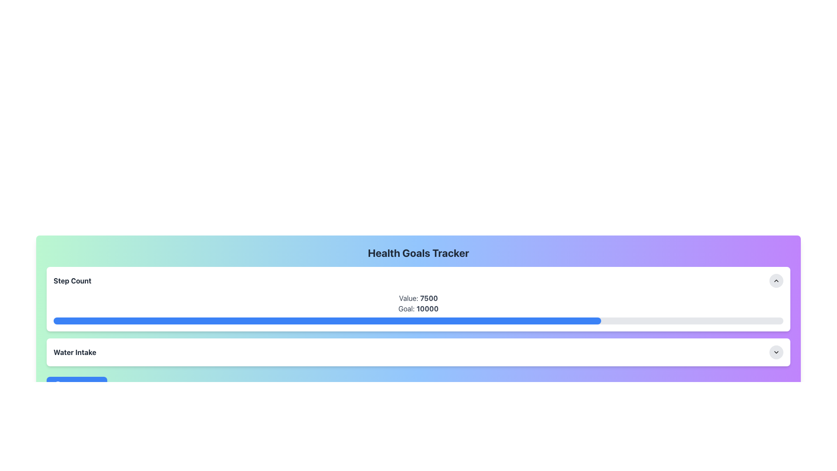 Image resolution: width=837 pixels, height=471 pixels. I want to click on the static text label displaying 'Water Intake' in bold gray font, positioned below the 'Step Count' progress bar, so click(75, 352).